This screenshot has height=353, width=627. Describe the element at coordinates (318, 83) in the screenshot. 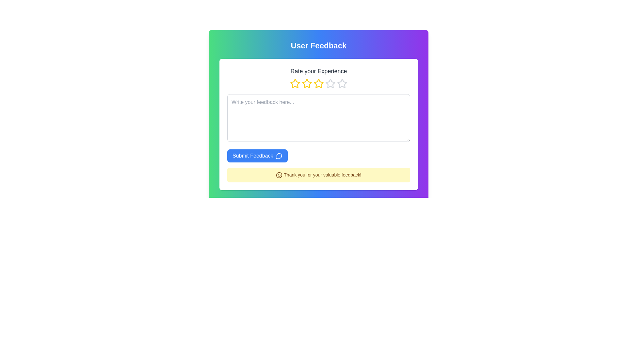

I see `the third star button in the rating system` at that location.